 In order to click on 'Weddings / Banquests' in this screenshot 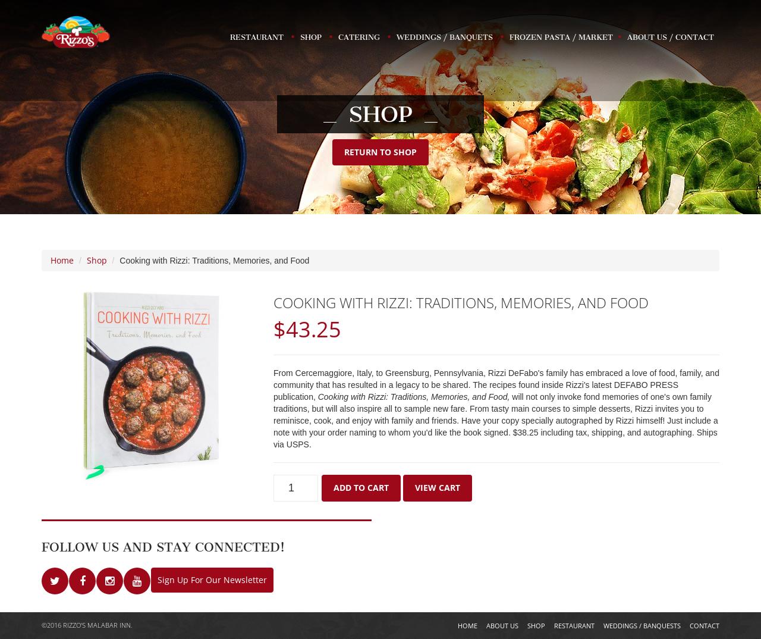, I will do `click(641, 625)`.